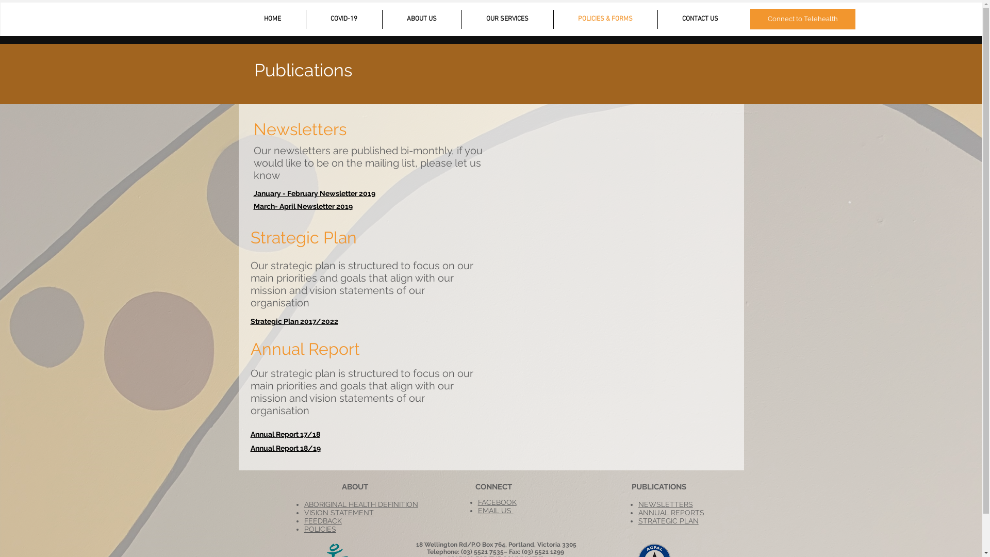 Image resolution: width=990 pixels, height=557 pixels. Describe the element at coordinates (253, 193) in the screenshot. I see `'January - February Newsletter 2019'` at that location.